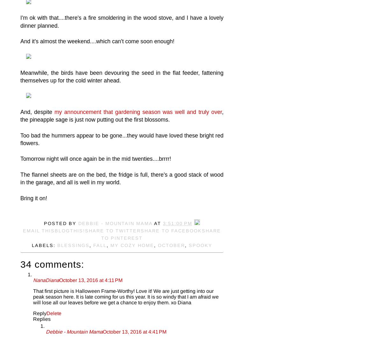  What do you see at coordinates (126, 297) in the screenshot?
I see `'That first picture is Halloween Frame-Worthy!  Love it!  We are just getting into our peak season here.  It is late coming for us this year.  It is so windy that I am afraid we will lose all our leaves before we get a chance to enjoy them.  xo Diana'` at bounding box center [126, 297].